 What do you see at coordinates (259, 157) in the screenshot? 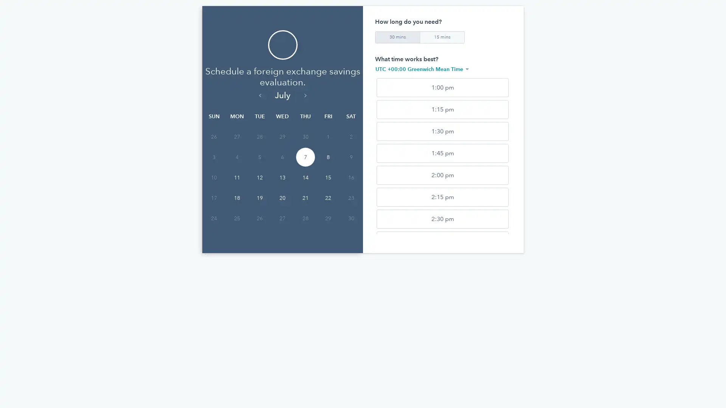
I see `July 5th` at bounding box center [259, 157].